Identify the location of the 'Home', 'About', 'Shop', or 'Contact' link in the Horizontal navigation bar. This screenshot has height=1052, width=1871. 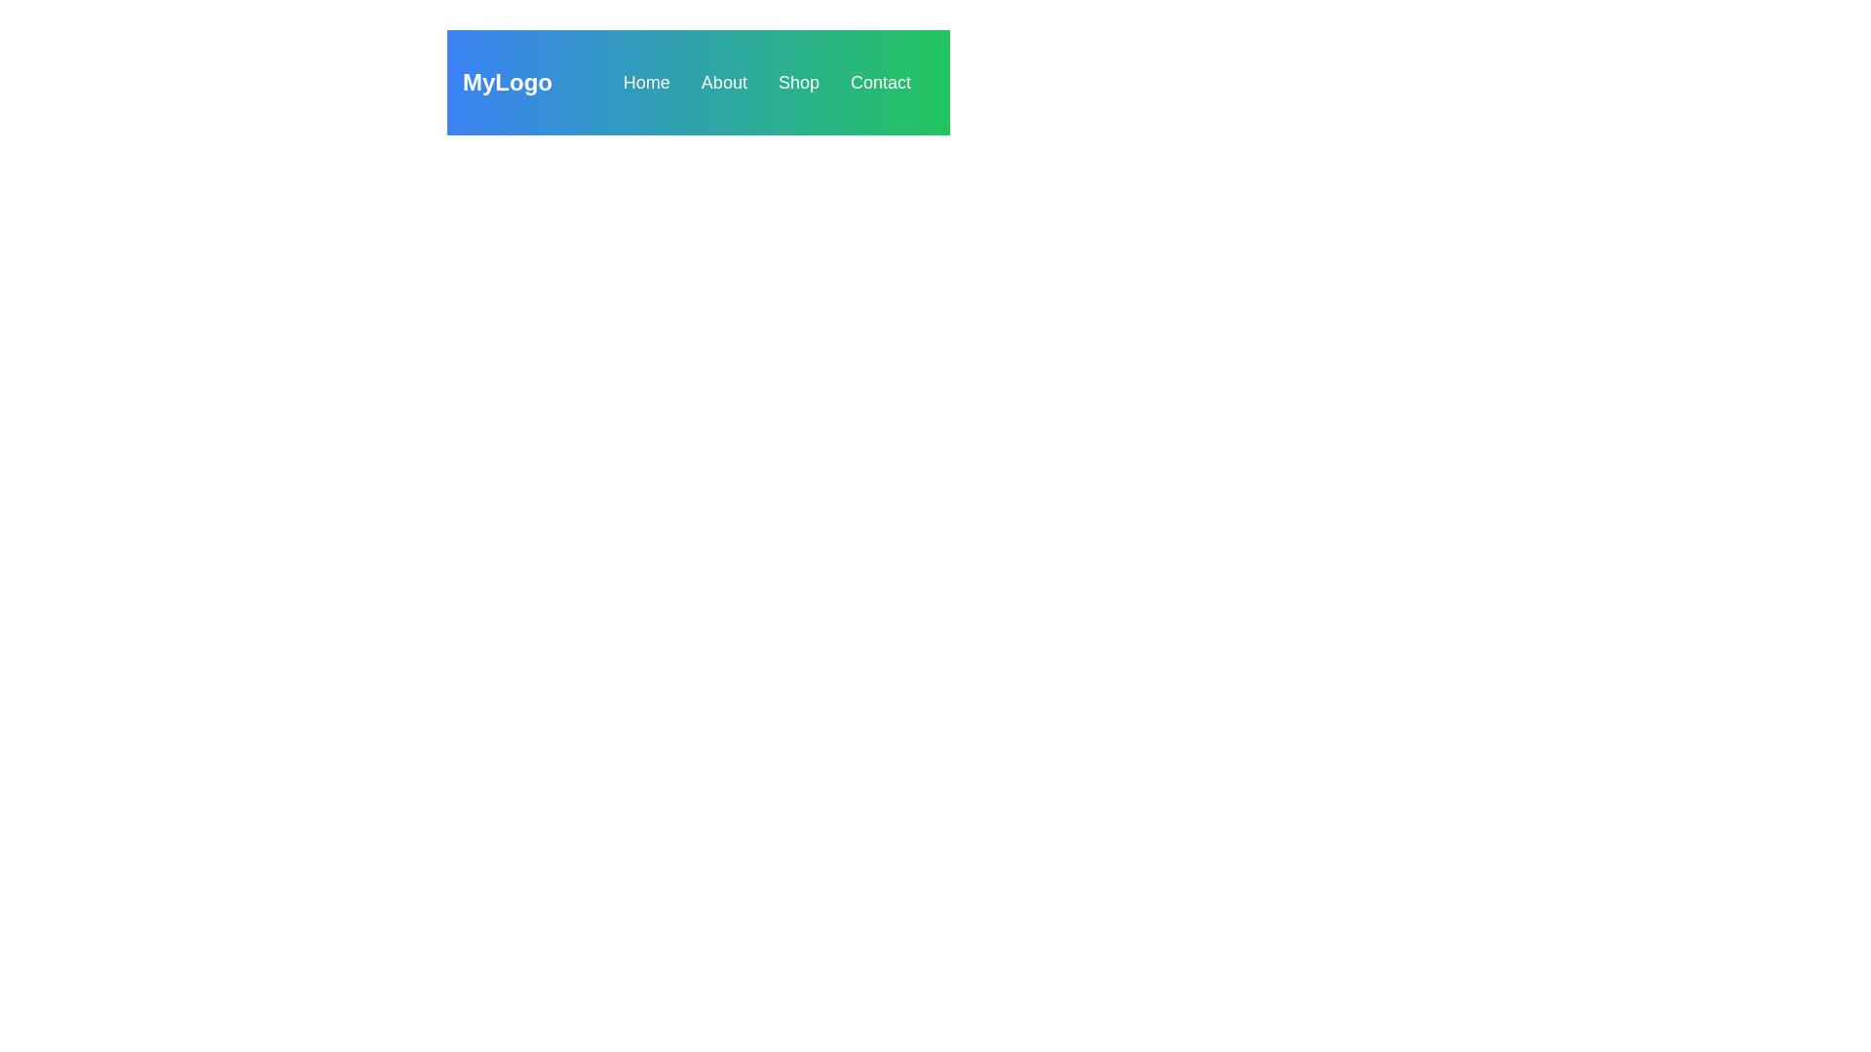
(698, 81).